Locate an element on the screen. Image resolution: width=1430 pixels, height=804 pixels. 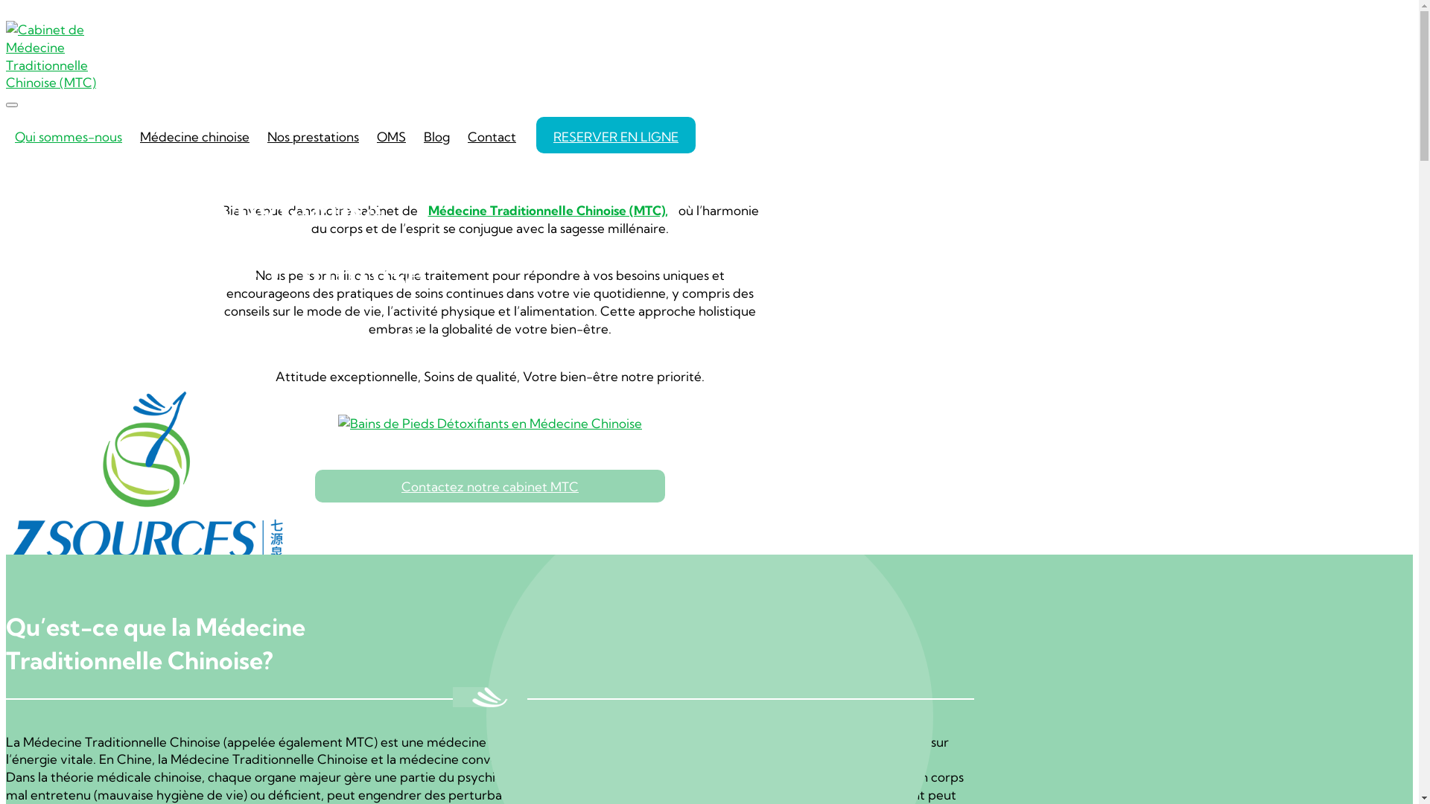
'Blog' is located at coordinates (436, 134).